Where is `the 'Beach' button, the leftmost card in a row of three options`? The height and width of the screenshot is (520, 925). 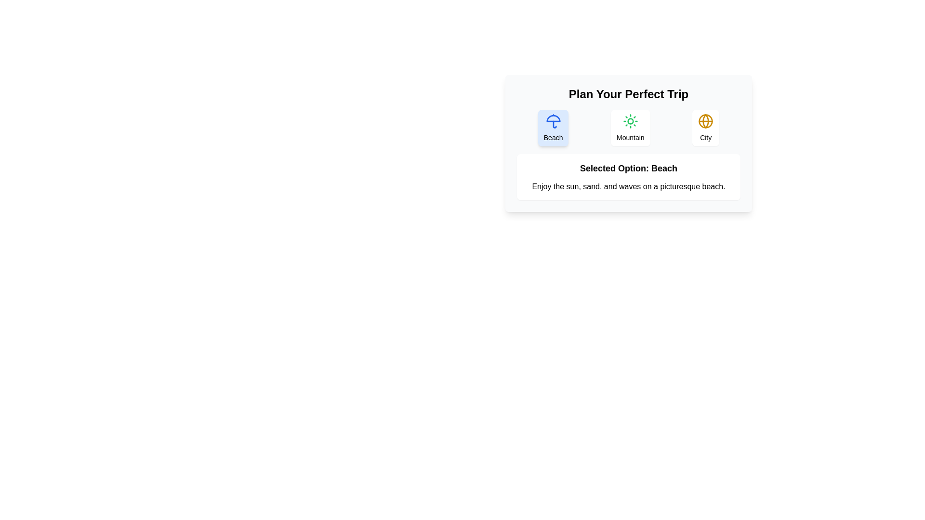
the 'Beach' button, the leftmost card in a row of three options is located at coordinates (553, 128).